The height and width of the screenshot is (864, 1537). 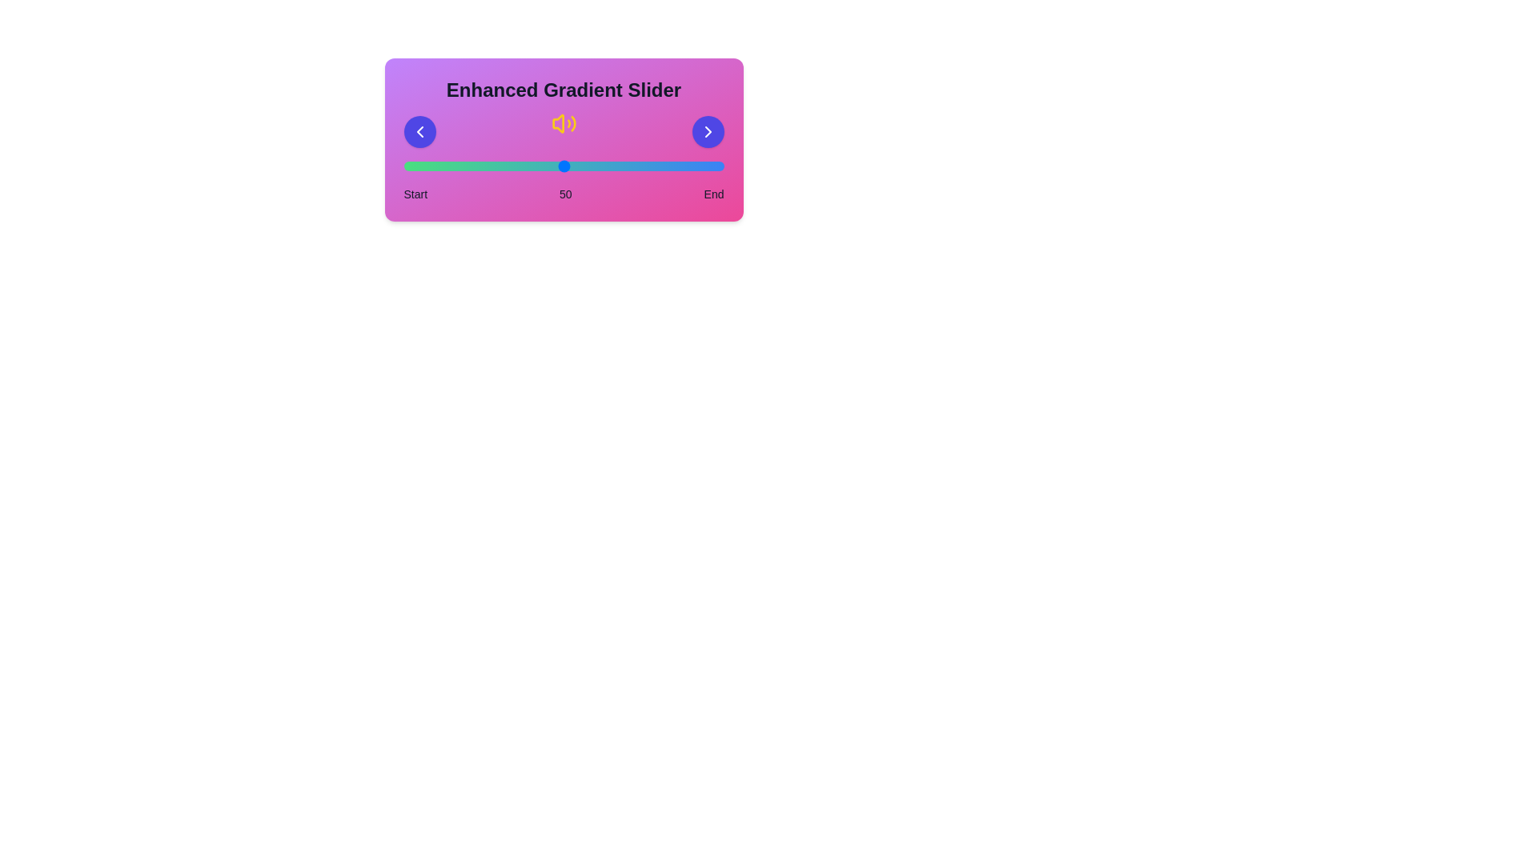 What do you see at coordinates (666, 166) in the screenshot?
I see `the slider to set the value to 82` at bounding box center [666, 166].